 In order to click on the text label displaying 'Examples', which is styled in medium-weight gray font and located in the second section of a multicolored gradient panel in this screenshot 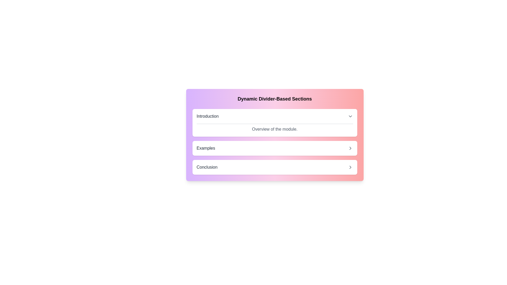, I will do `click(205, 148)`.